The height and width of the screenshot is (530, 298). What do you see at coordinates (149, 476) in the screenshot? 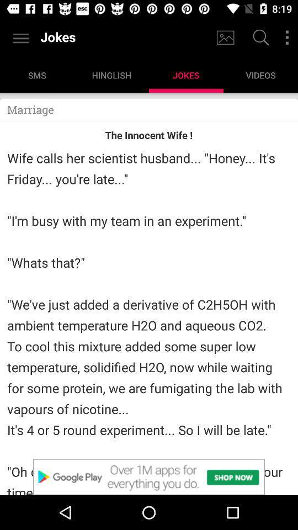
I see `access advertisement` at bounding box center [149, 476].